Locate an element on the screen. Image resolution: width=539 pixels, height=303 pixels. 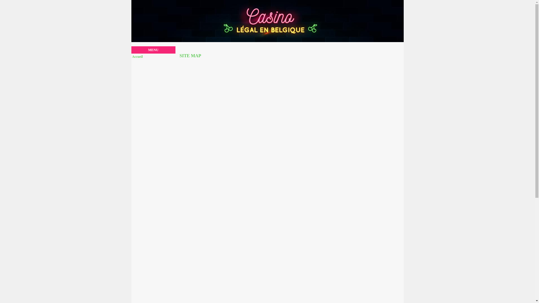
'MENU' is located at coordinates (153, 49).